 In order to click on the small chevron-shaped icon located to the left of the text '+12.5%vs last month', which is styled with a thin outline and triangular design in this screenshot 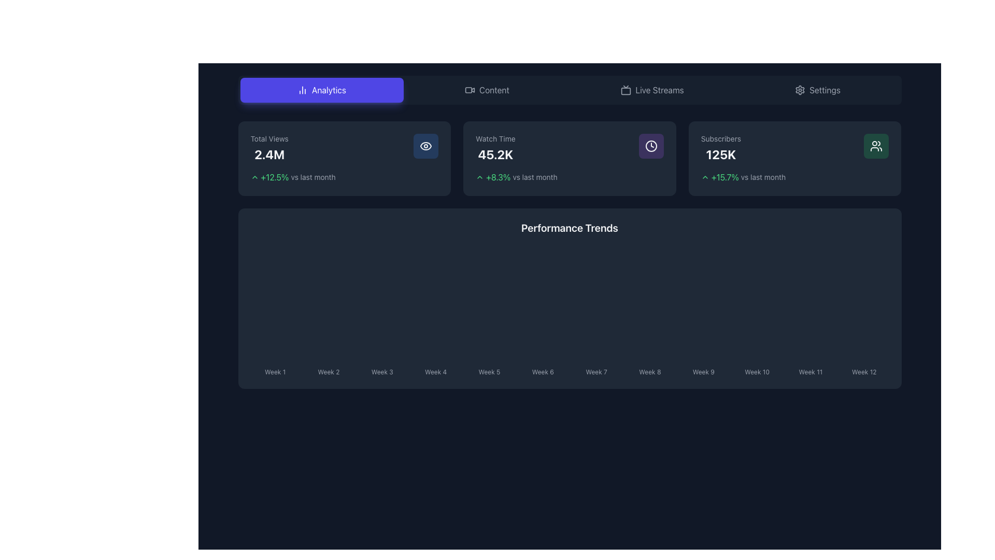, I will do `click(254, 177)`.